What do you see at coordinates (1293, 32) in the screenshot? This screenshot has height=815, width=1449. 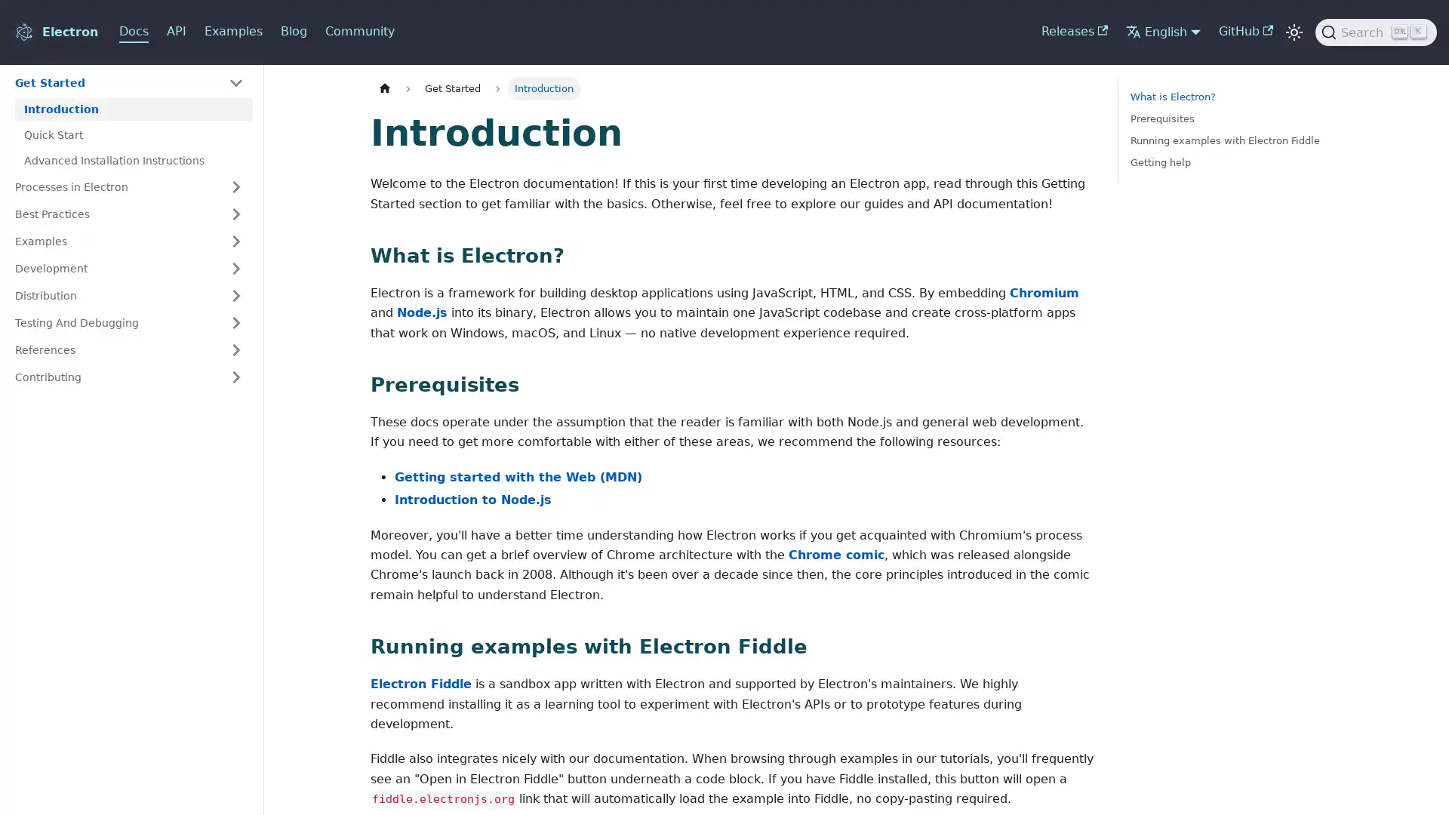 I see `Switch between dark and light mode (currently light mode)` at bounding box center [1293, 32].